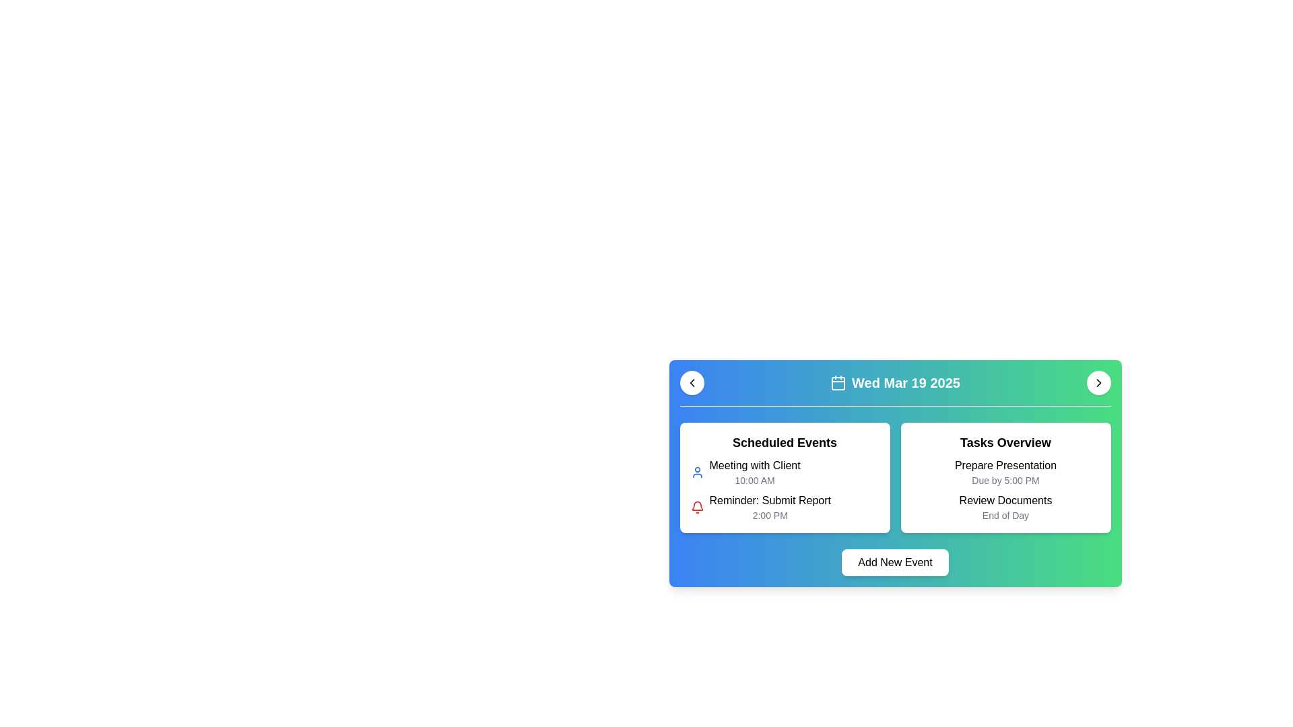 This screenshot has height=727, width=1293. I want to click on the text label displaying 'Meeting with Client' in the 'Scheduled Events' section, located above the '10:00 AM' time text, so click(755, 464).